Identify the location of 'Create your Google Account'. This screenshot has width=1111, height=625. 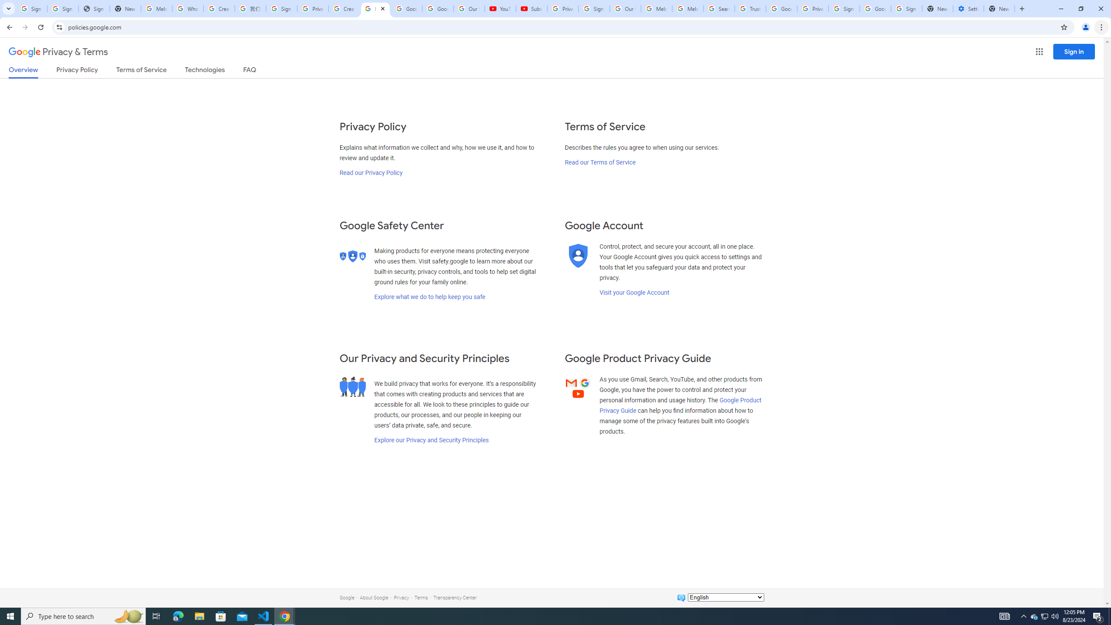
(343, 8).